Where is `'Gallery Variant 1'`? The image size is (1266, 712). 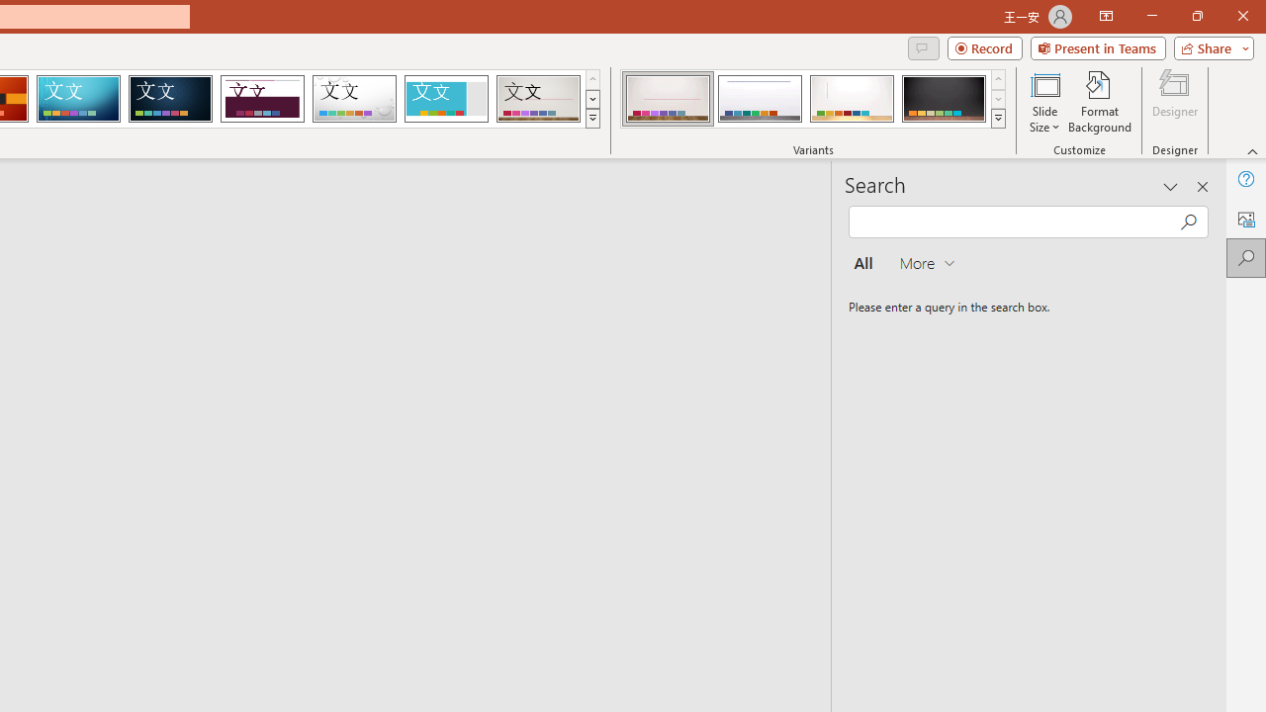 'Gallery Variant 1' is located at coordinates (668, 99).